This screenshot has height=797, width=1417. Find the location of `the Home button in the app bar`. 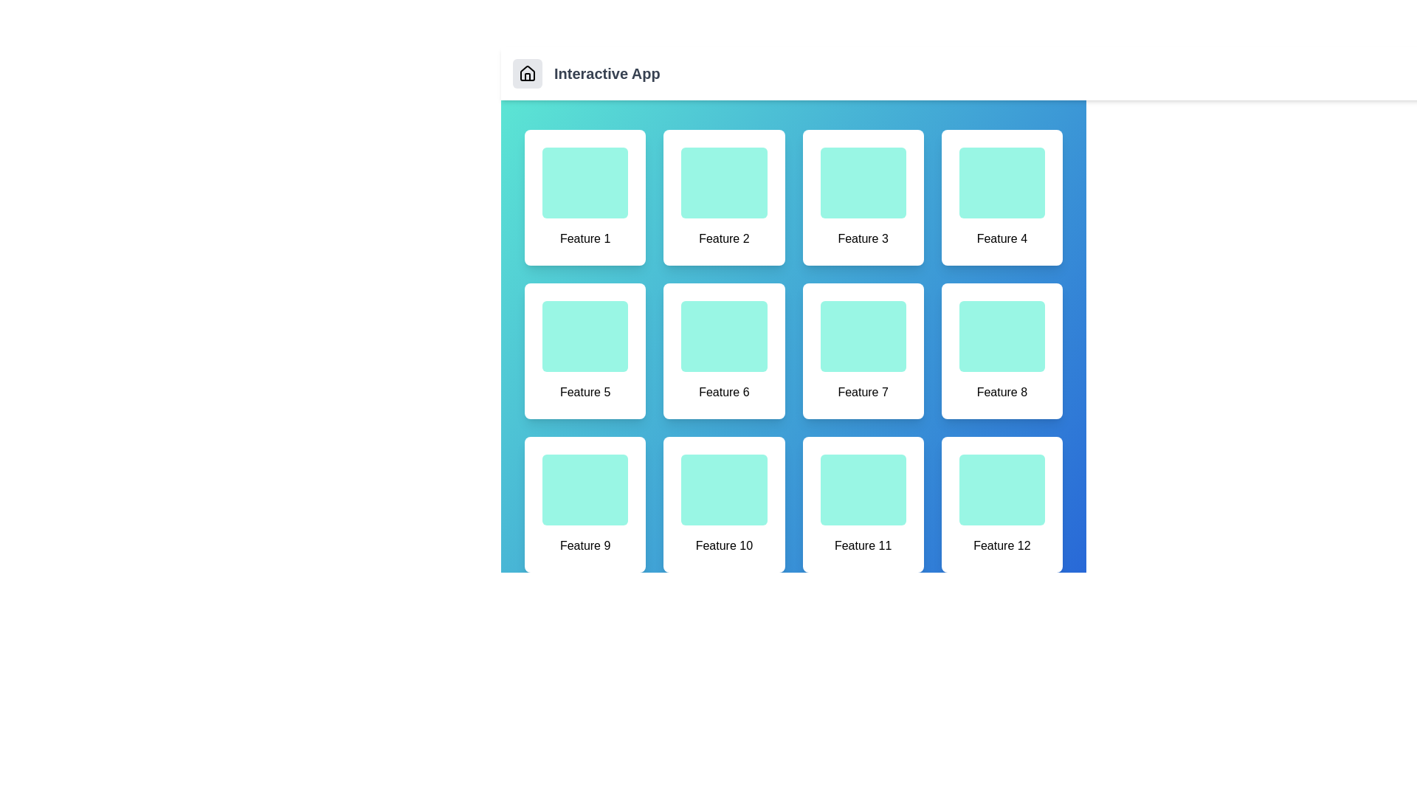

the Home button in the app bar is located at coordinates (528, 74).